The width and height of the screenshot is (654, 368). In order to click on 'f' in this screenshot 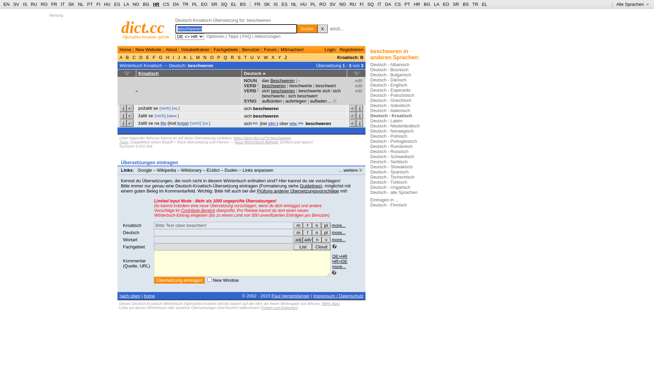, I will do `click(307, 225)`.